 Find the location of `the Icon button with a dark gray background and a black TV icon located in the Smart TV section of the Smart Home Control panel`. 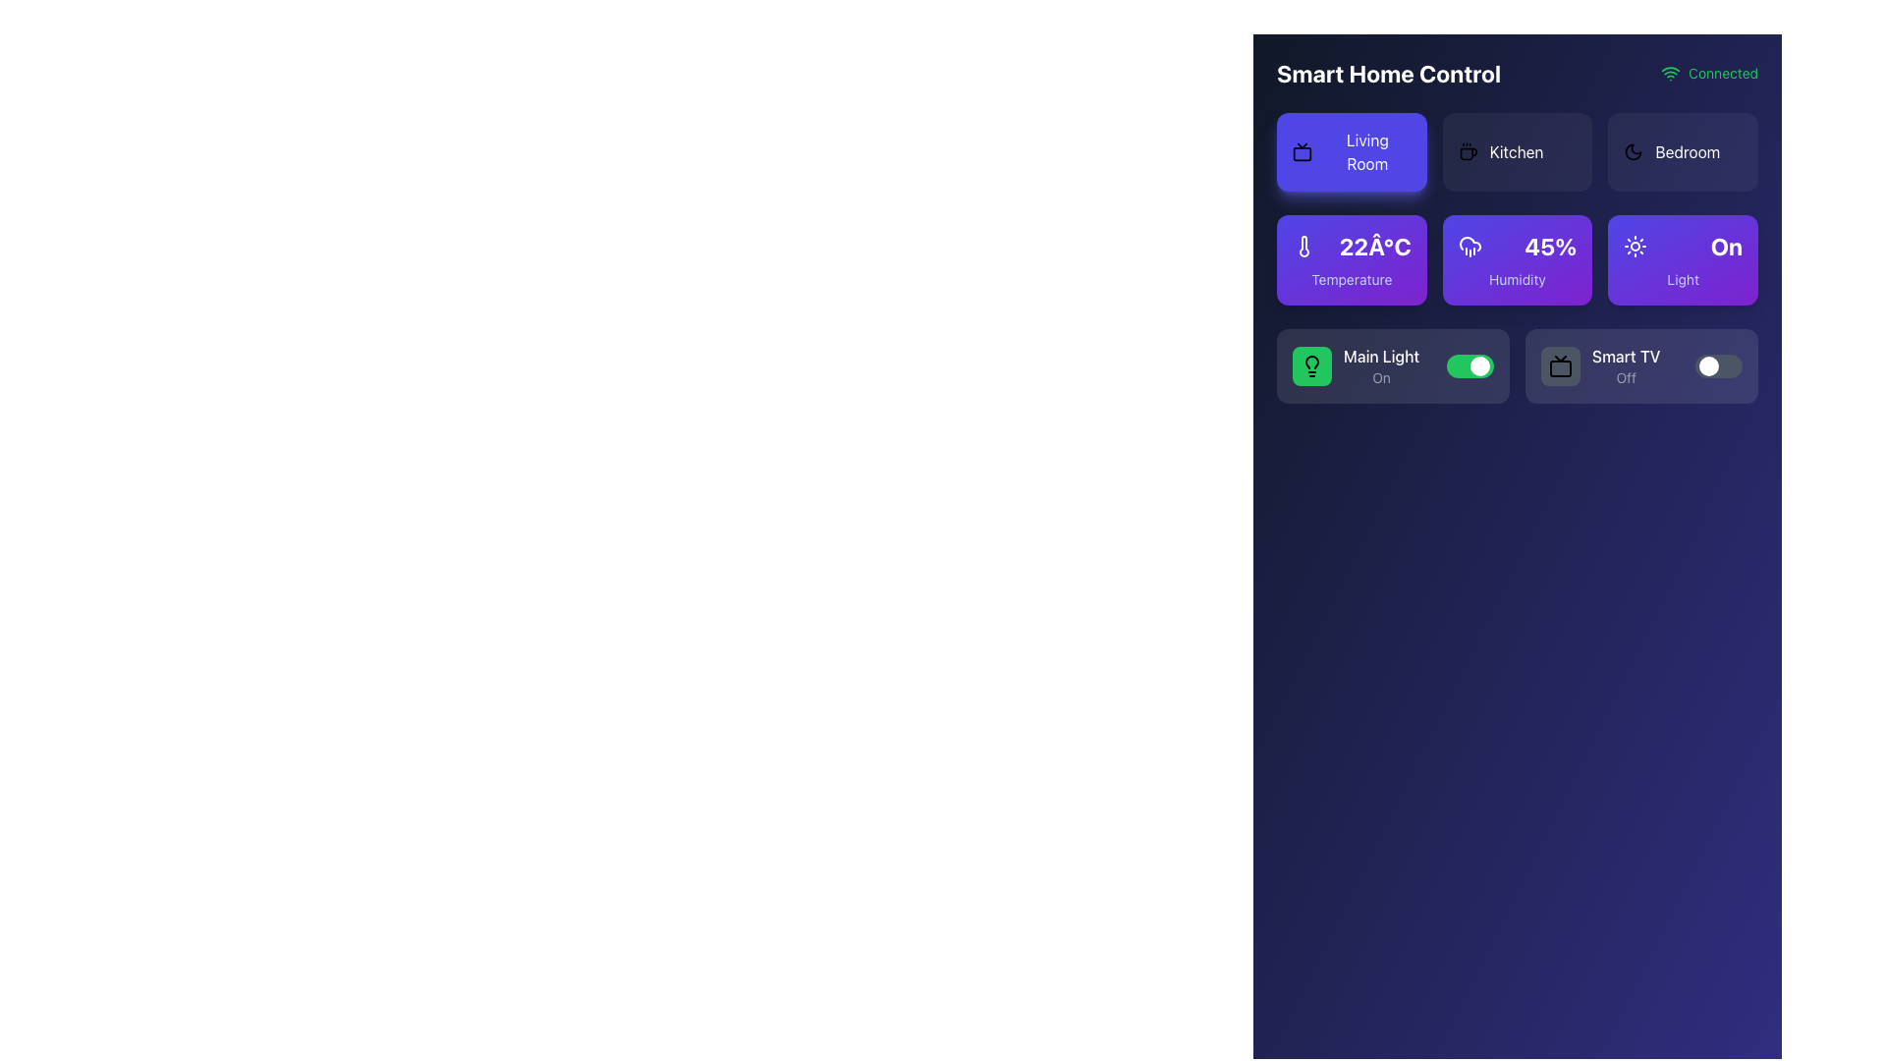

the Icon button with a dark gray background and a black TV icon located in the Smart TV section of the Smart Home Control panel is located at coordinates (1559, 366).